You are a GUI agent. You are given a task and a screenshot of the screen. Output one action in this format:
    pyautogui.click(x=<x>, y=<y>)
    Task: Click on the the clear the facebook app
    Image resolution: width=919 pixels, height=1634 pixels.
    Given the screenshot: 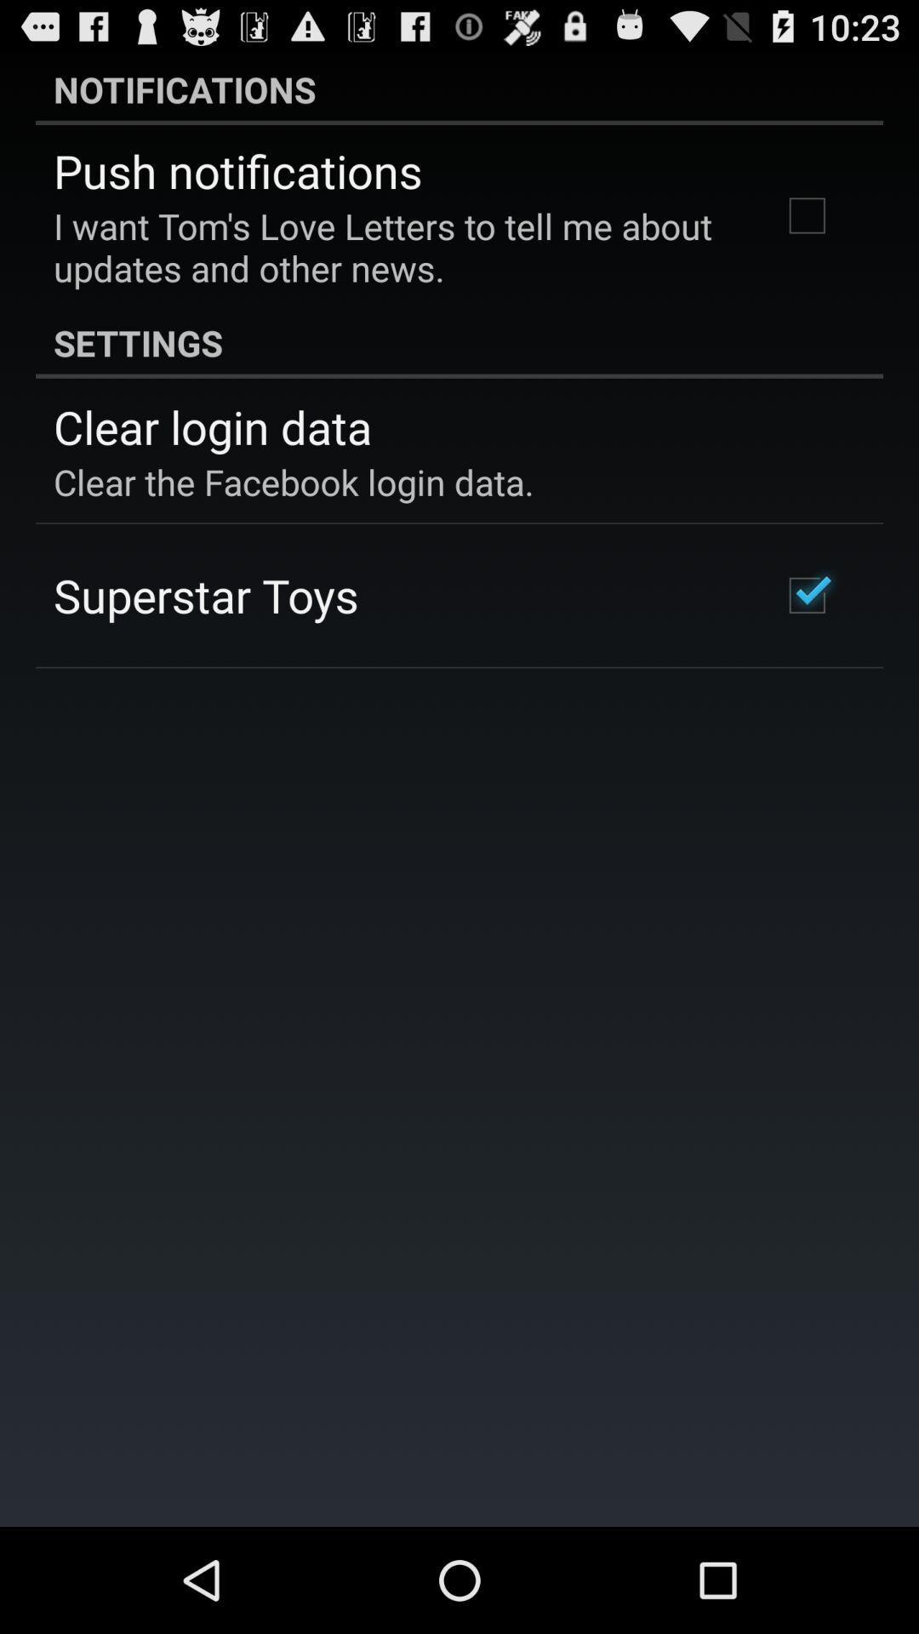 What is the action you would take?
    pyautogui.click(x=293, y=481)
    